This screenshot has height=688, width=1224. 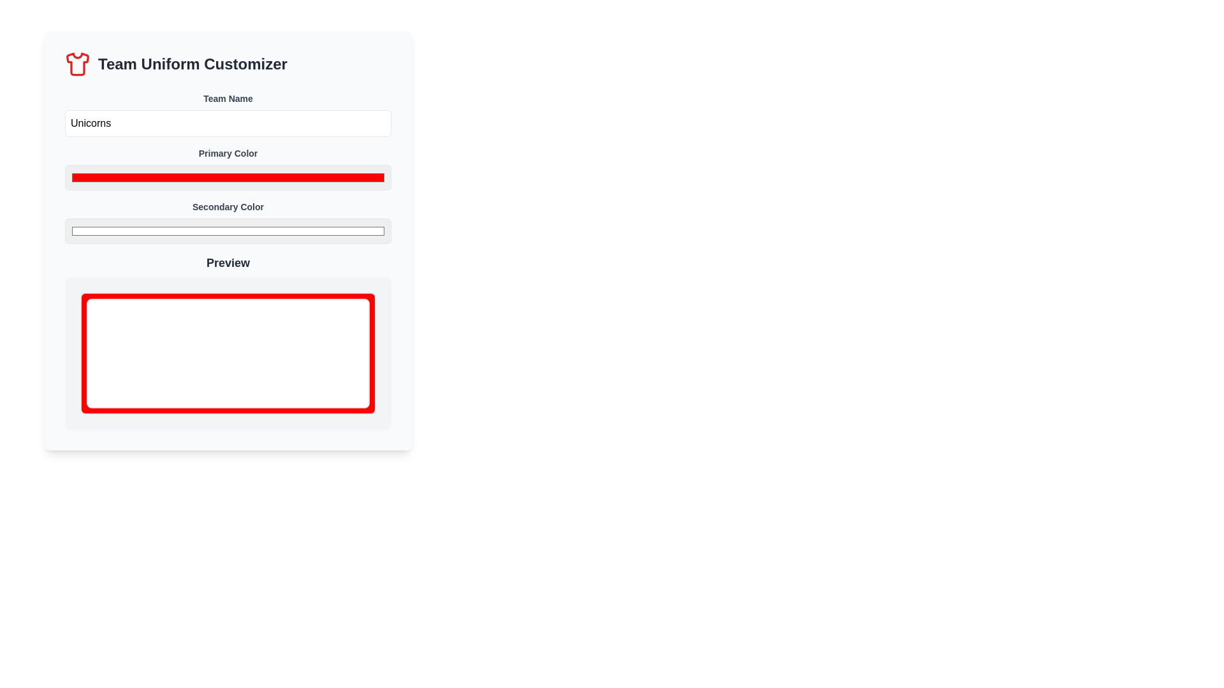 I want to click on the header text label indicating the title or purpose of the customization tool for team uniforms, which is located to the right of the shirt icon in the upper section of the interface, so click(x=192, y=64).